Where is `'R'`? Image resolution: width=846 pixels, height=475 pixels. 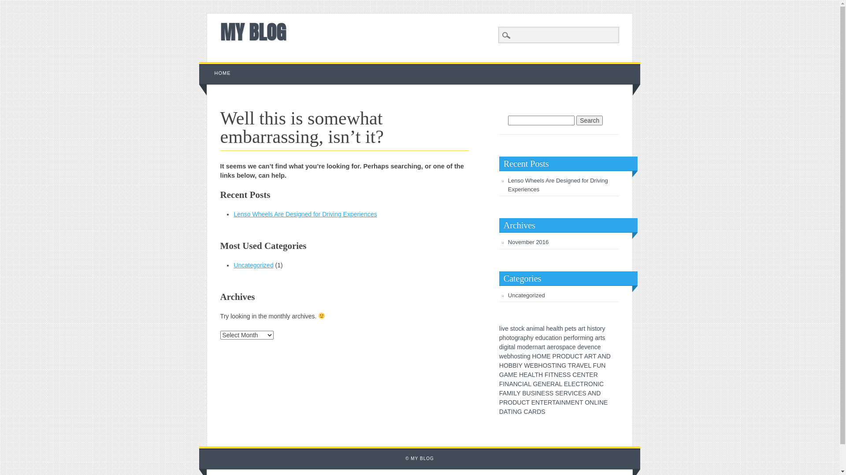 'R' is located at coordinates (596, 375).